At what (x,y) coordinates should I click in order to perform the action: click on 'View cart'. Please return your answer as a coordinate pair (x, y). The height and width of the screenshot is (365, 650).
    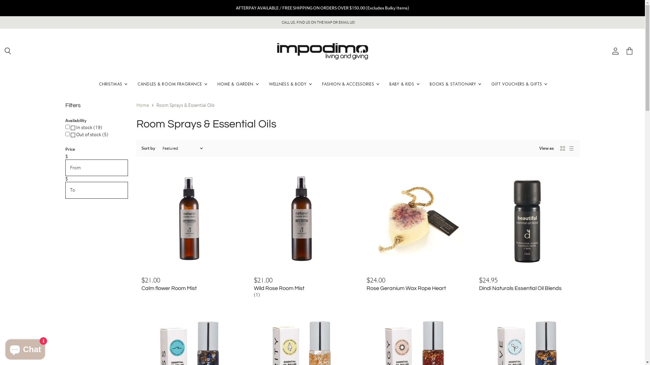
    Looking at the image, I should click on (629, 51).